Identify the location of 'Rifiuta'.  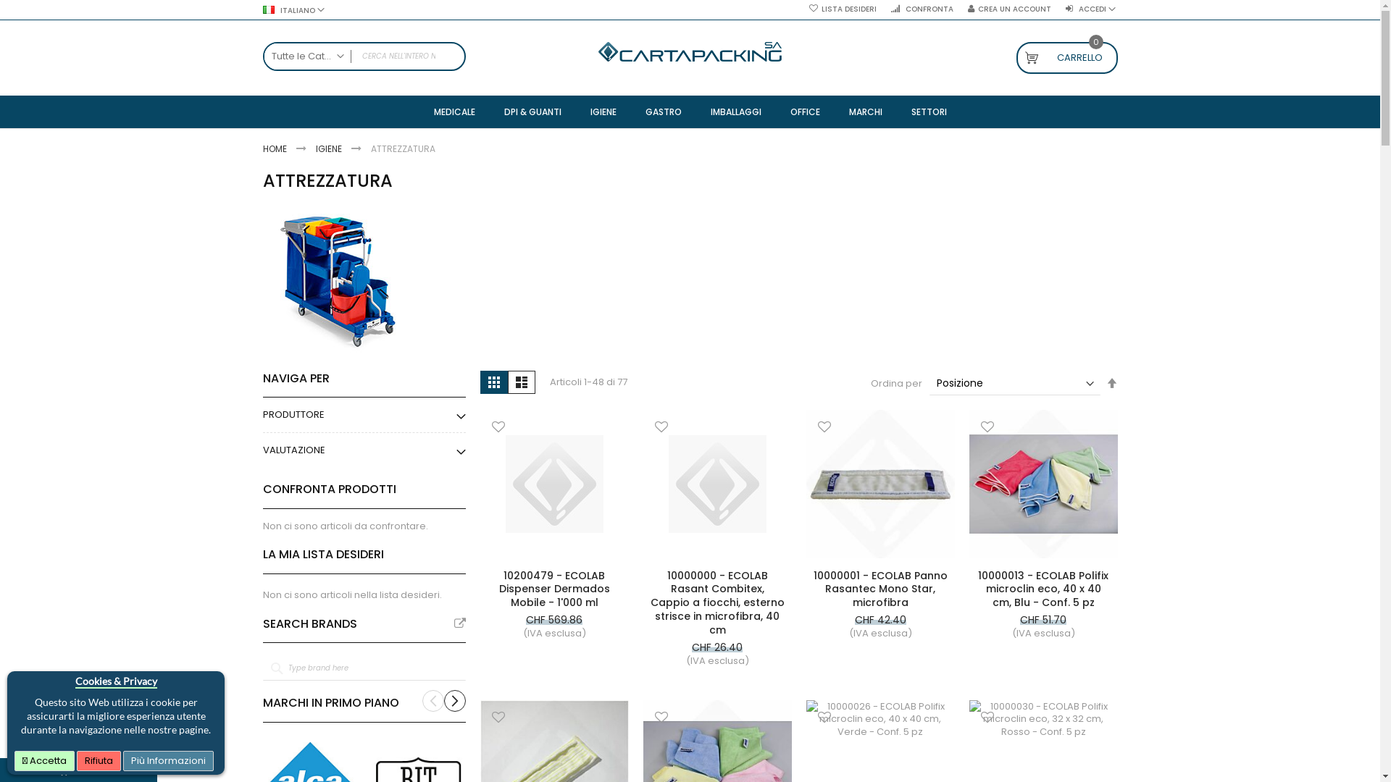
(98, 760).